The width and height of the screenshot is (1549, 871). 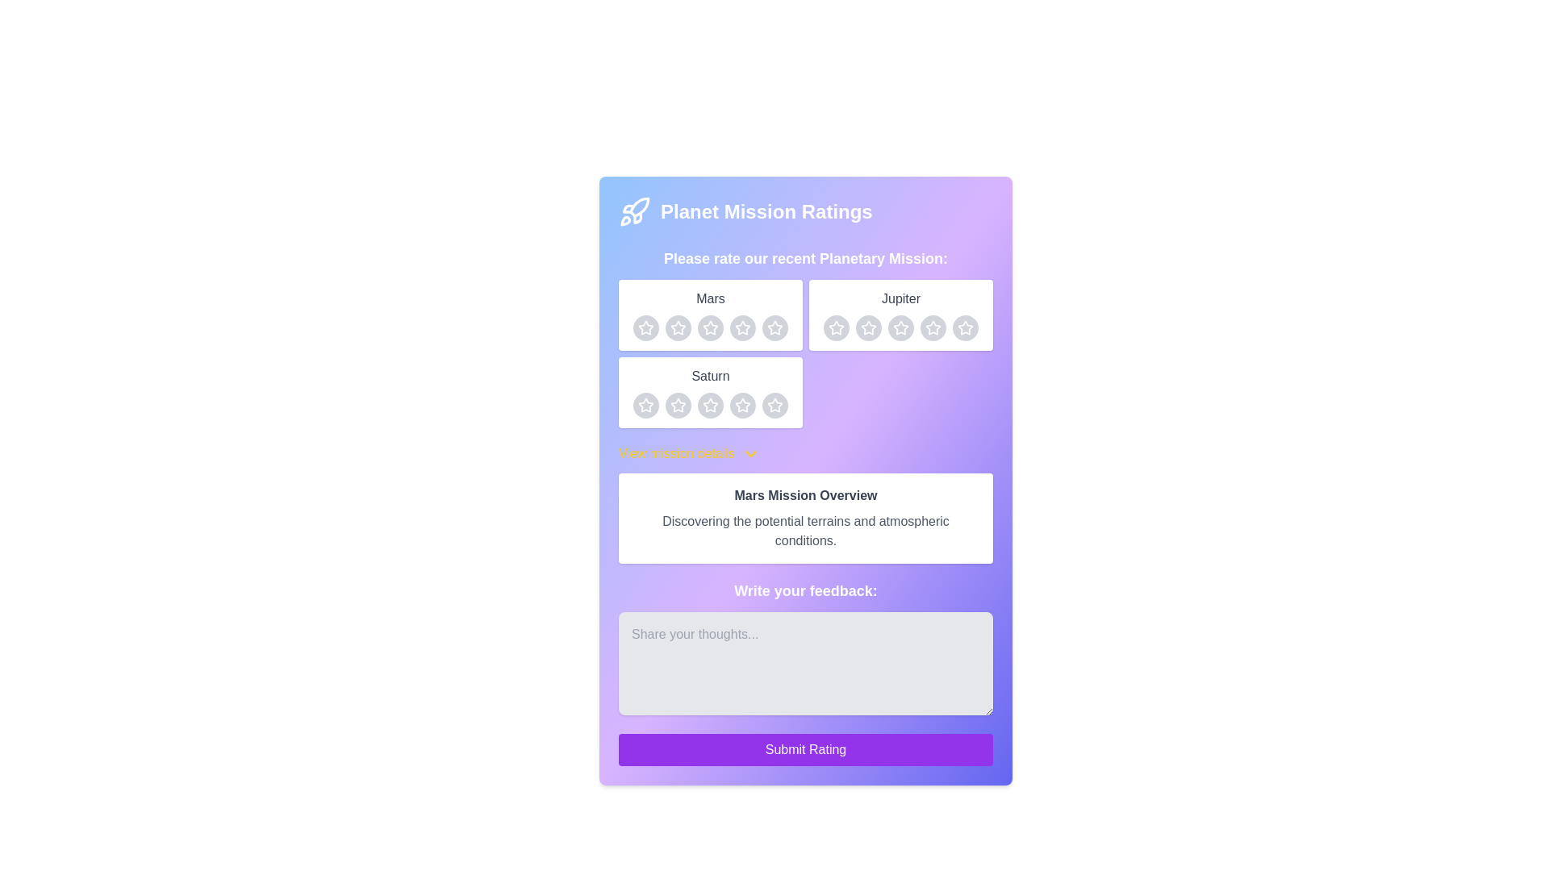 I want to click on the second star button from the left in the rating system under the 'Mars' label, which is a circular button with a gray background and a white star icon, so click(x=678, y=327).